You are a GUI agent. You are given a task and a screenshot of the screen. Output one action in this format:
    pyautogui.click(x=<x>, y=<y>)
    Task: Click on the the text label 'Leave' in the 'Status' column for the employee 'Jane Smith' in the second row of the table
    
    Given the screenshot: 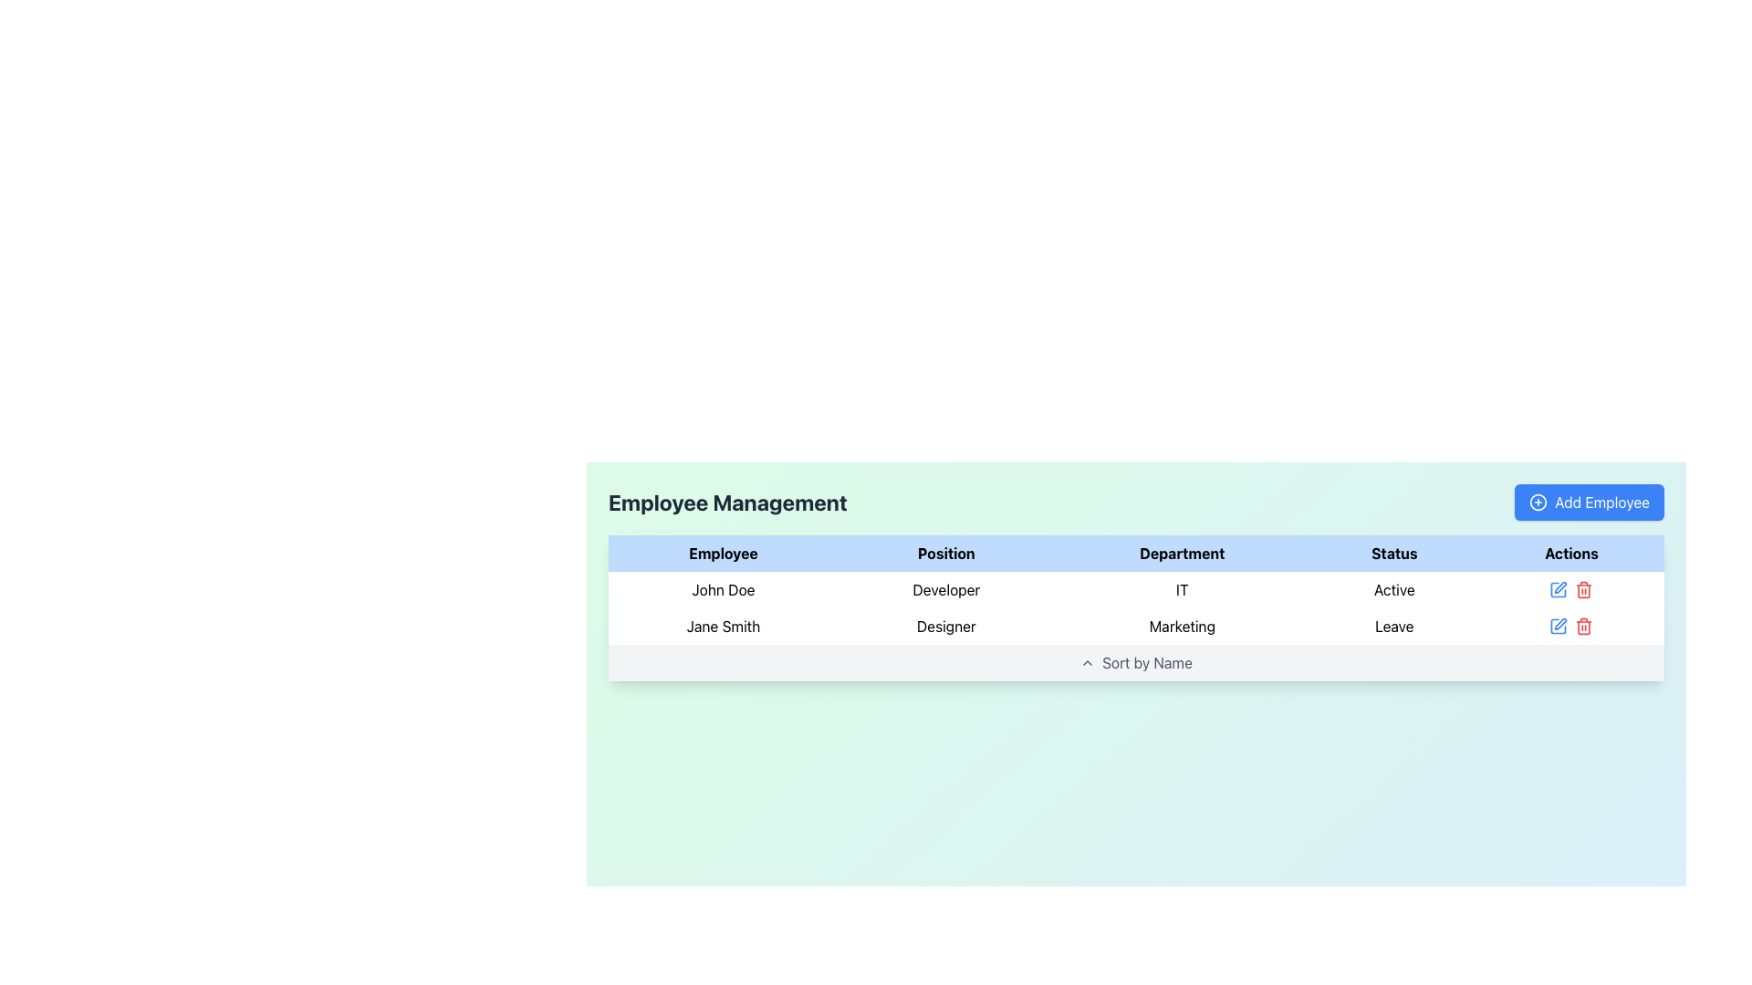 What is the action you would take?
    pyautogui.click(x=1393, y=625)
    